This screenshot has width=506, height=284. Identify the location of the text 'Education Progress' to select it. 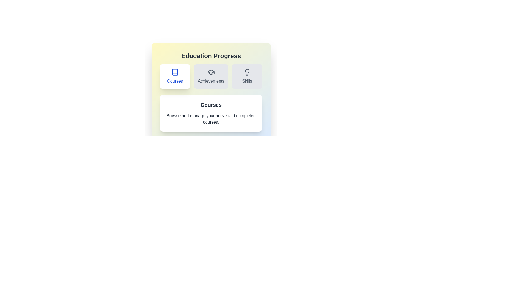
(211, 56).